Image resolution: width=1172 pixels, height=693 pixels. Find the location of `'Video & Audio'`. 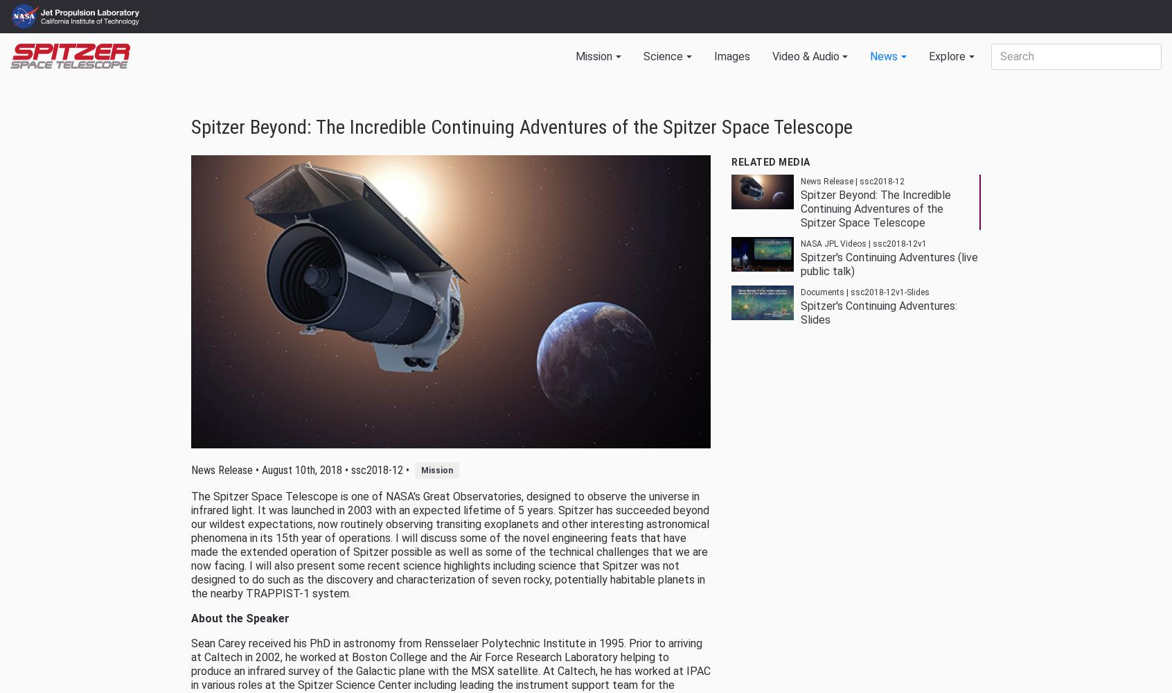

'Video & Audio' is located at coordinates (804, 55).